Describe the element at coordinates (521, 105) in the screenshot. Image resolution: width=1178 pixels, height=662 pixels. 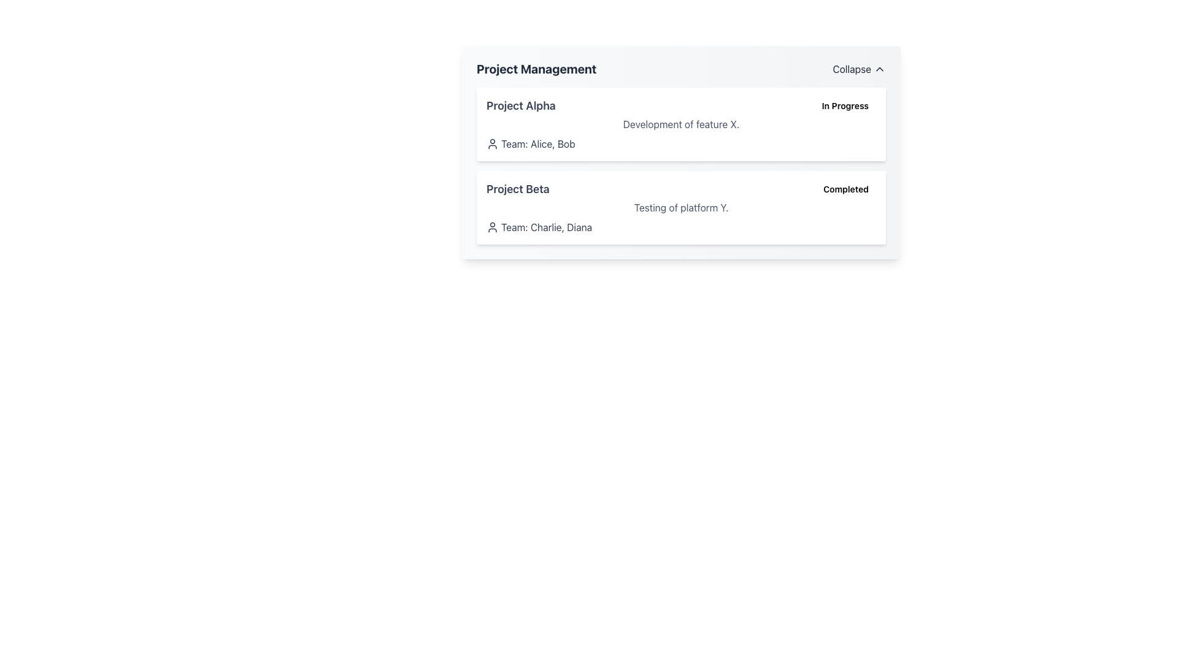
I see `the text label that serves as the header for 'Project Alpha', positioned at the top-left of the interface` at that location.